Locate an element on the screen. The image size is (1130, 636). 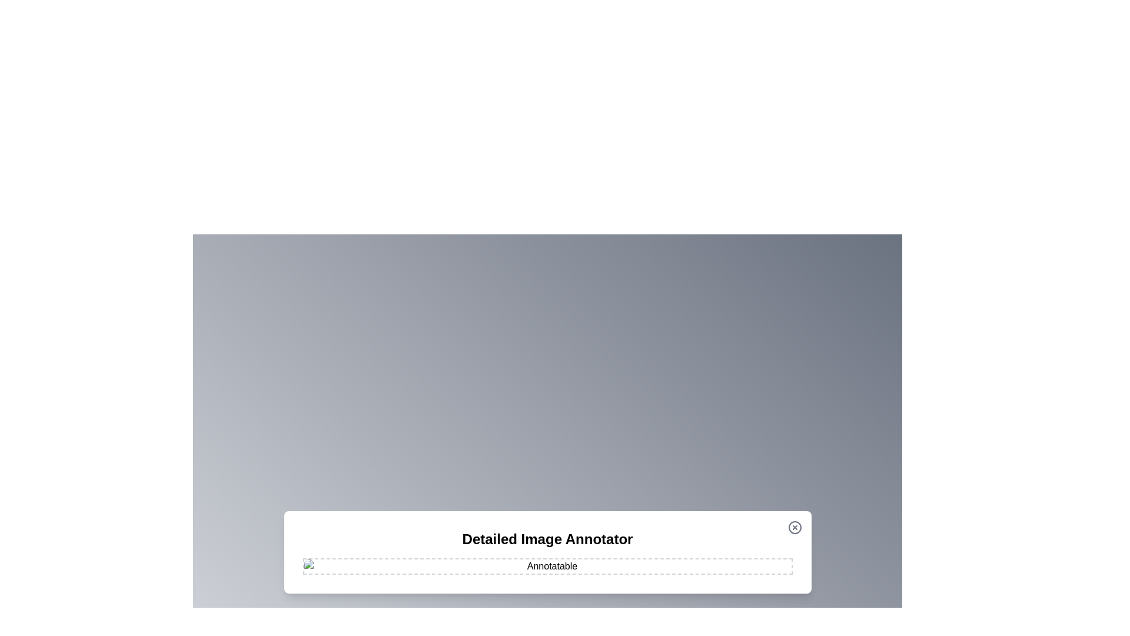
the image at coordinates (1158, 973) to add an annotation is located at coordinates (681, 572).